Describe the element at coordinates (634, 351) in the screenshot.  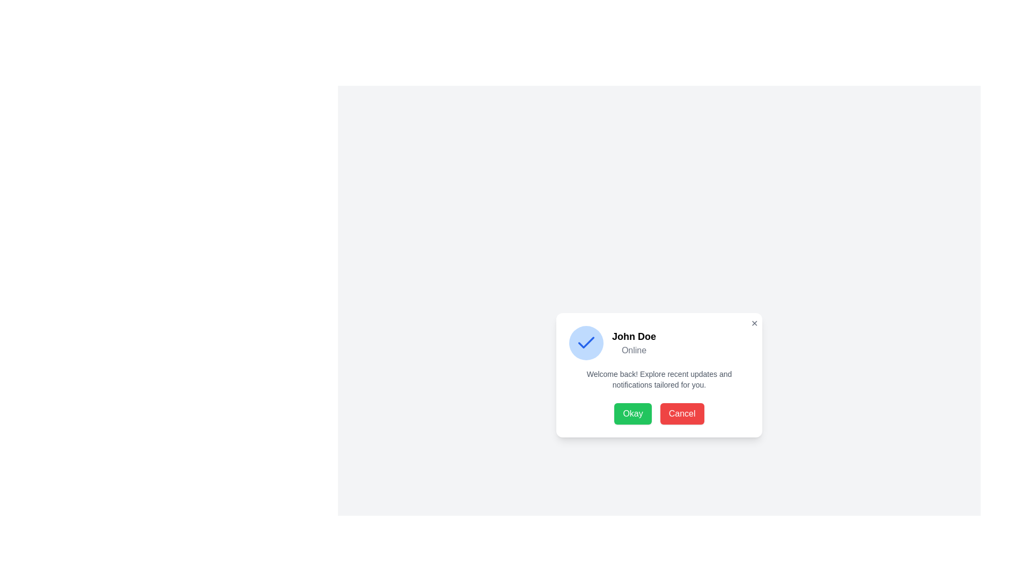
I see `the text element displaying 'Online' styled in gray font, located beneath the bold 'John Doe' text in the dialog box` at that location.